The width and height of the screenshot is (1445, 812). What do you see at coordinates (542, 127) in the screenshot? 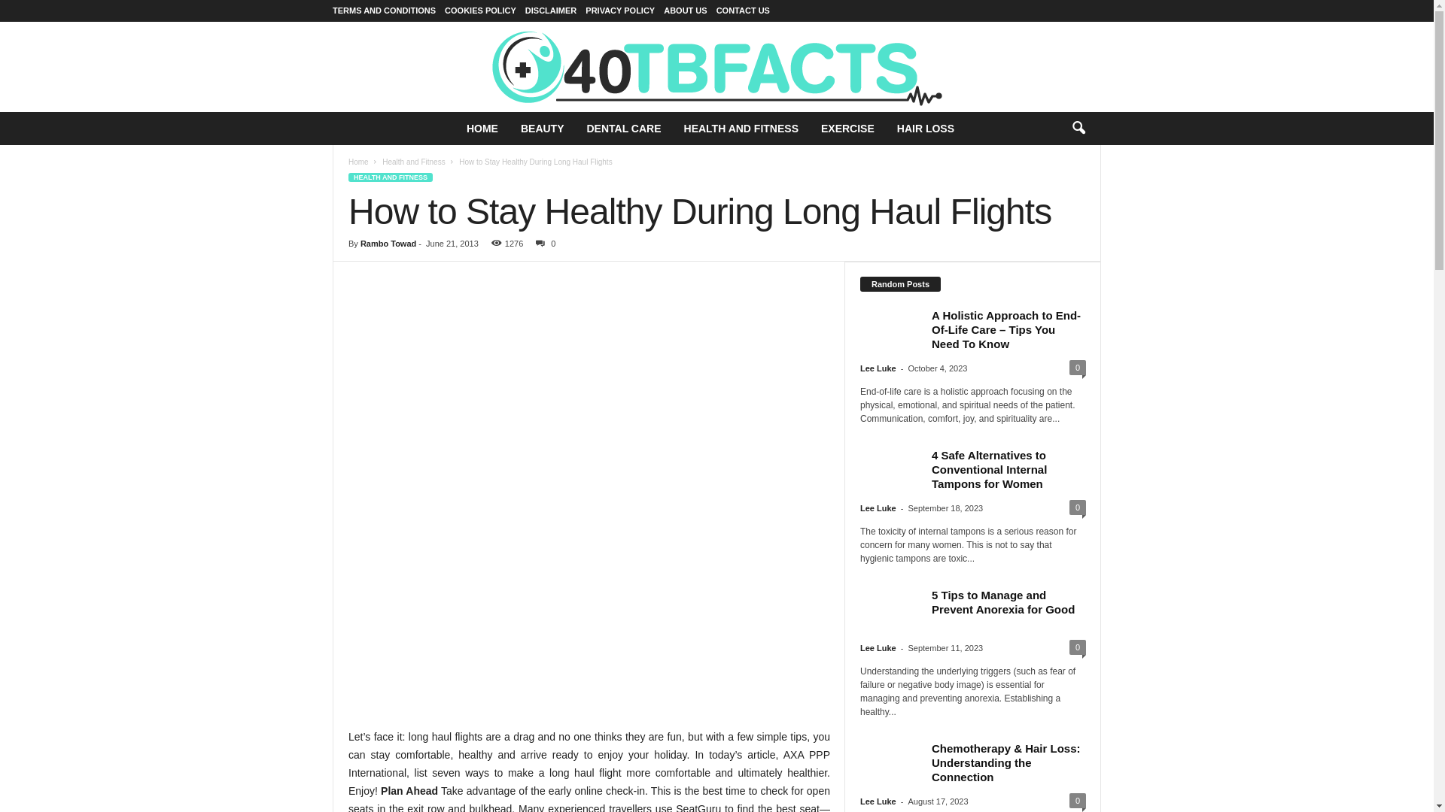
I see `'BEAUTY'` at bounding box center [542, 127].